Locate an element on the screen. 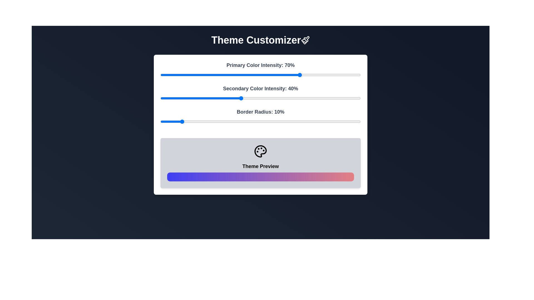 This screenshot has width=534, height=300. the Primary Color Intensity slider to 80% is located at coordinates (320, 75).